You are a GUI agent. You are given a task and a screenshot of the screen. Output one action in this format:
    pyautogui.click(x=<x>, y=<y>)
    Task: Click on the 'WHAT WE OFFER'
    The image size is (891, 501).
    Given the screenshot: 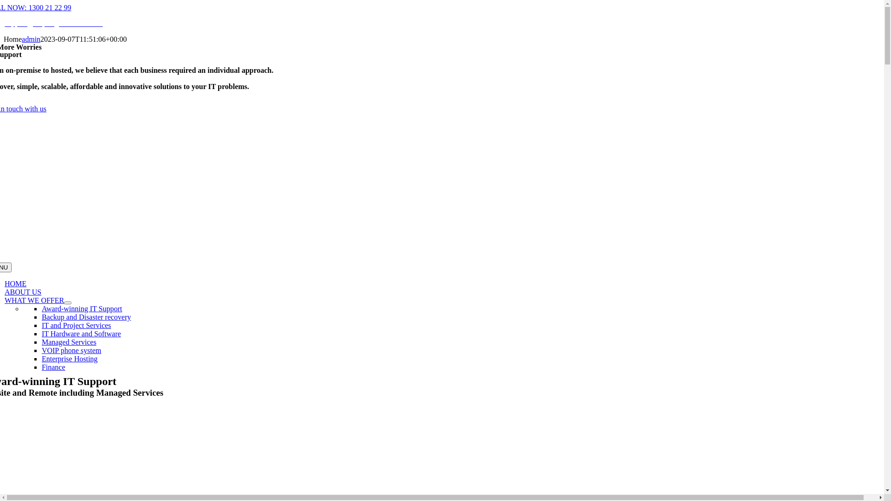 What is the action you would take?
    pyautogui.click(x=34, y=300)
    